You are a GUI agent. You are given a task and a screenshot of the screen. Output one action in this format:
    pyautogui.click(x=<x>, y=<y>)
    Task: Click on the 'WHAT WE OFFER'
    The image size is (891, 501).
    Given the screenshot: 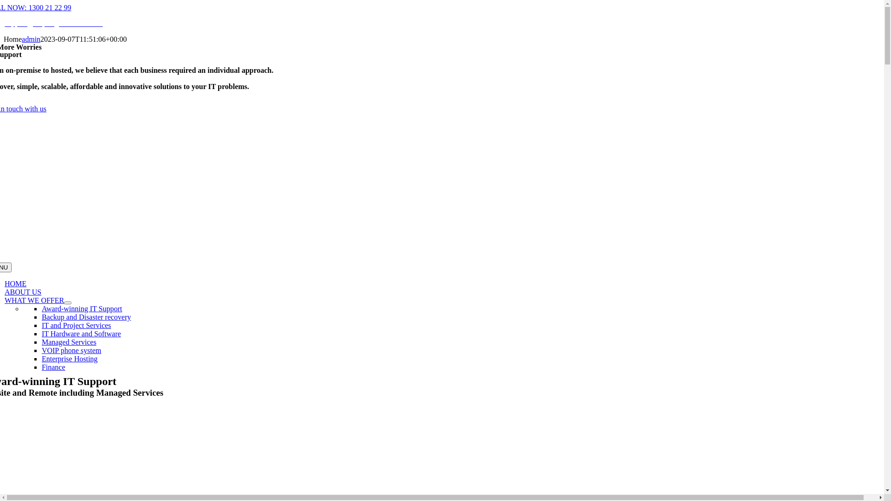 What is the action you would take?
    pyautogui.click(x=34, y=300)
    